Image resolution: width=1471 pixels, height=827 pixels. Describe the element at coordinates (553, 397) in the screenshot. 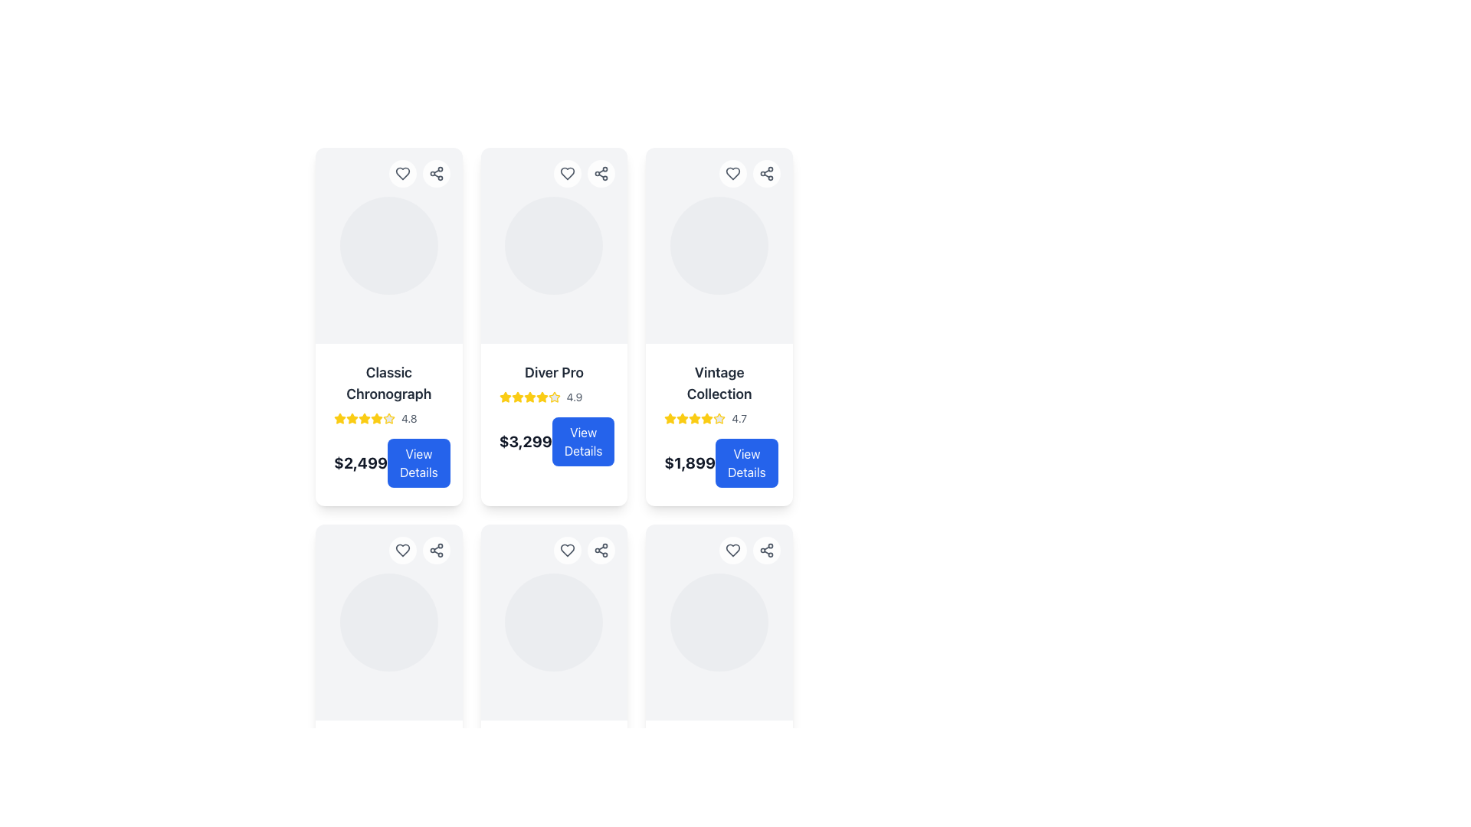

I see `numeric rating score of '4.9' displayed adjacent to the Rating indicator featuring five stars, four filled with yellow and one partially filled, located below the product title 'Diver Pro'` at that location.